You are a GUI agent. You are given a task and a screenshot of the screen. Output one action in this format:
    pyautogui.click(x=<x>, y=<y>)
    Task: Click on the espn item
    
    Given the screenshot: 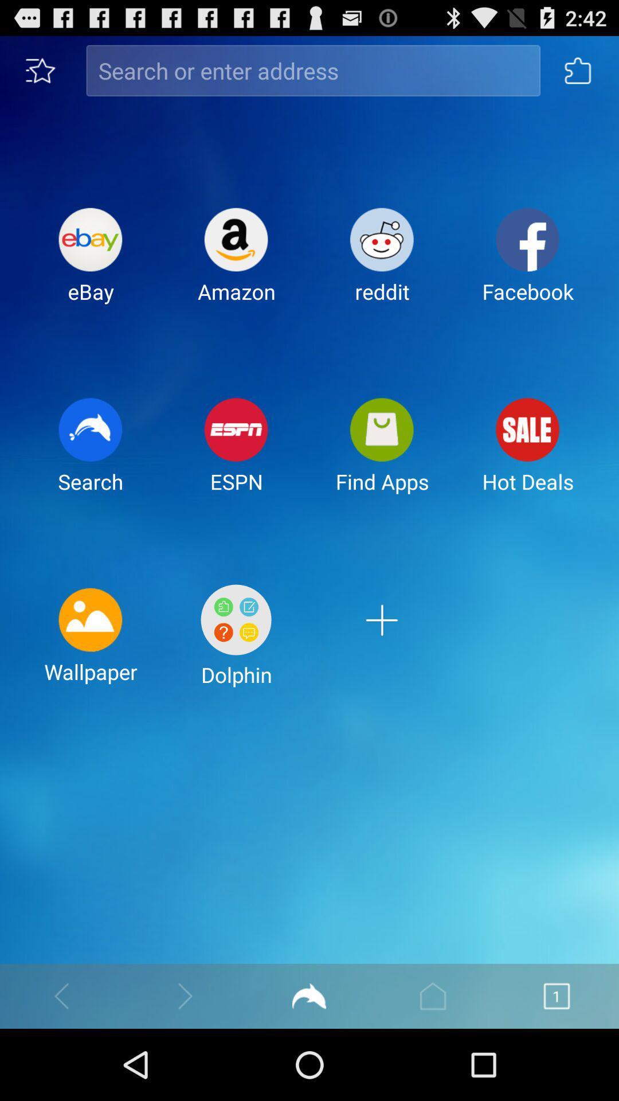 What is the action you would take?
    pyautogui.click(x=236, y=454)
    